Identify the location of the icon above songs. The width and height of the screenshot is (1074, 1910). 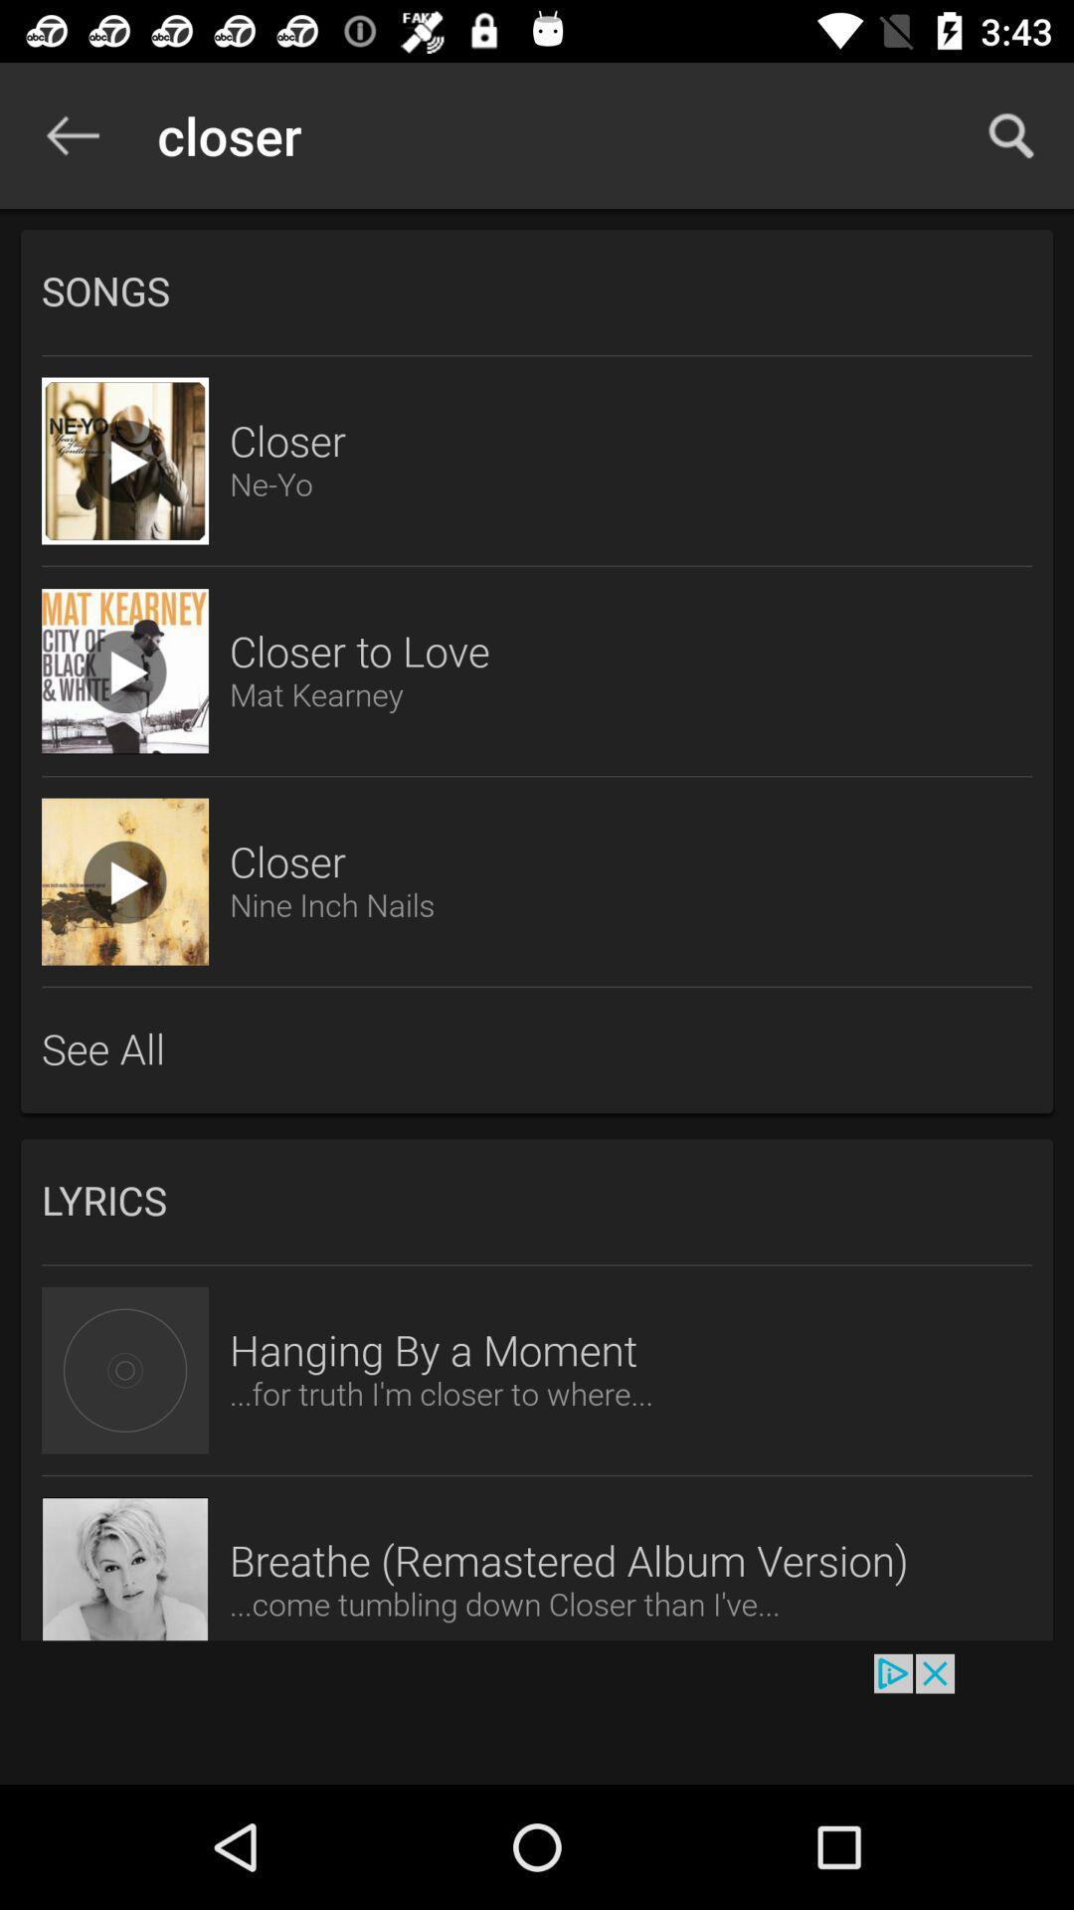
(72, 134).